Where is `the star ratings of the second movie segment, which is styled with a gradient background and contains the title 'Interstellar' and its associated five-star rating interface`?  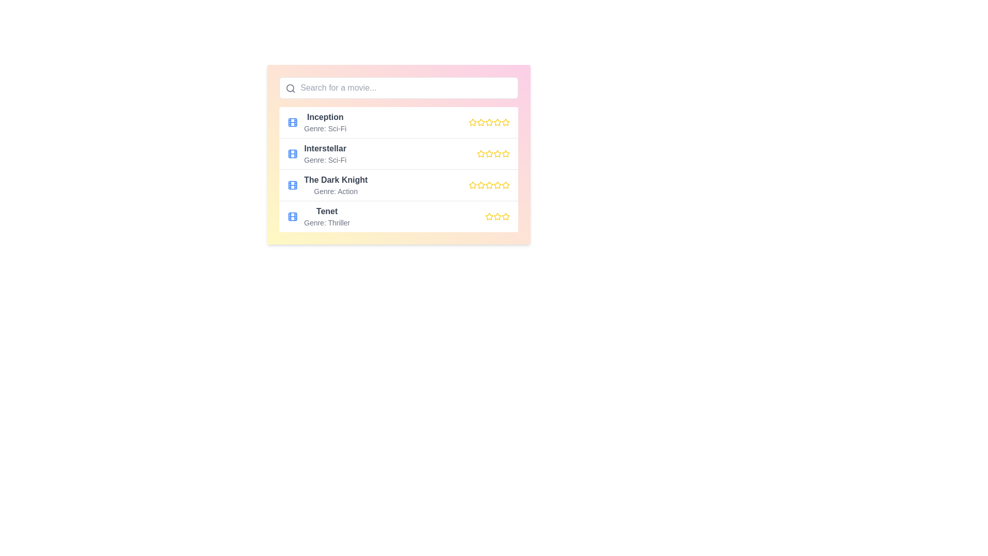 the star ratings of the second movie segment, which is styled with a gradient background and contains the title 'Interstellar' and its associated five-star rating interface is located at coordinates (398, 154).